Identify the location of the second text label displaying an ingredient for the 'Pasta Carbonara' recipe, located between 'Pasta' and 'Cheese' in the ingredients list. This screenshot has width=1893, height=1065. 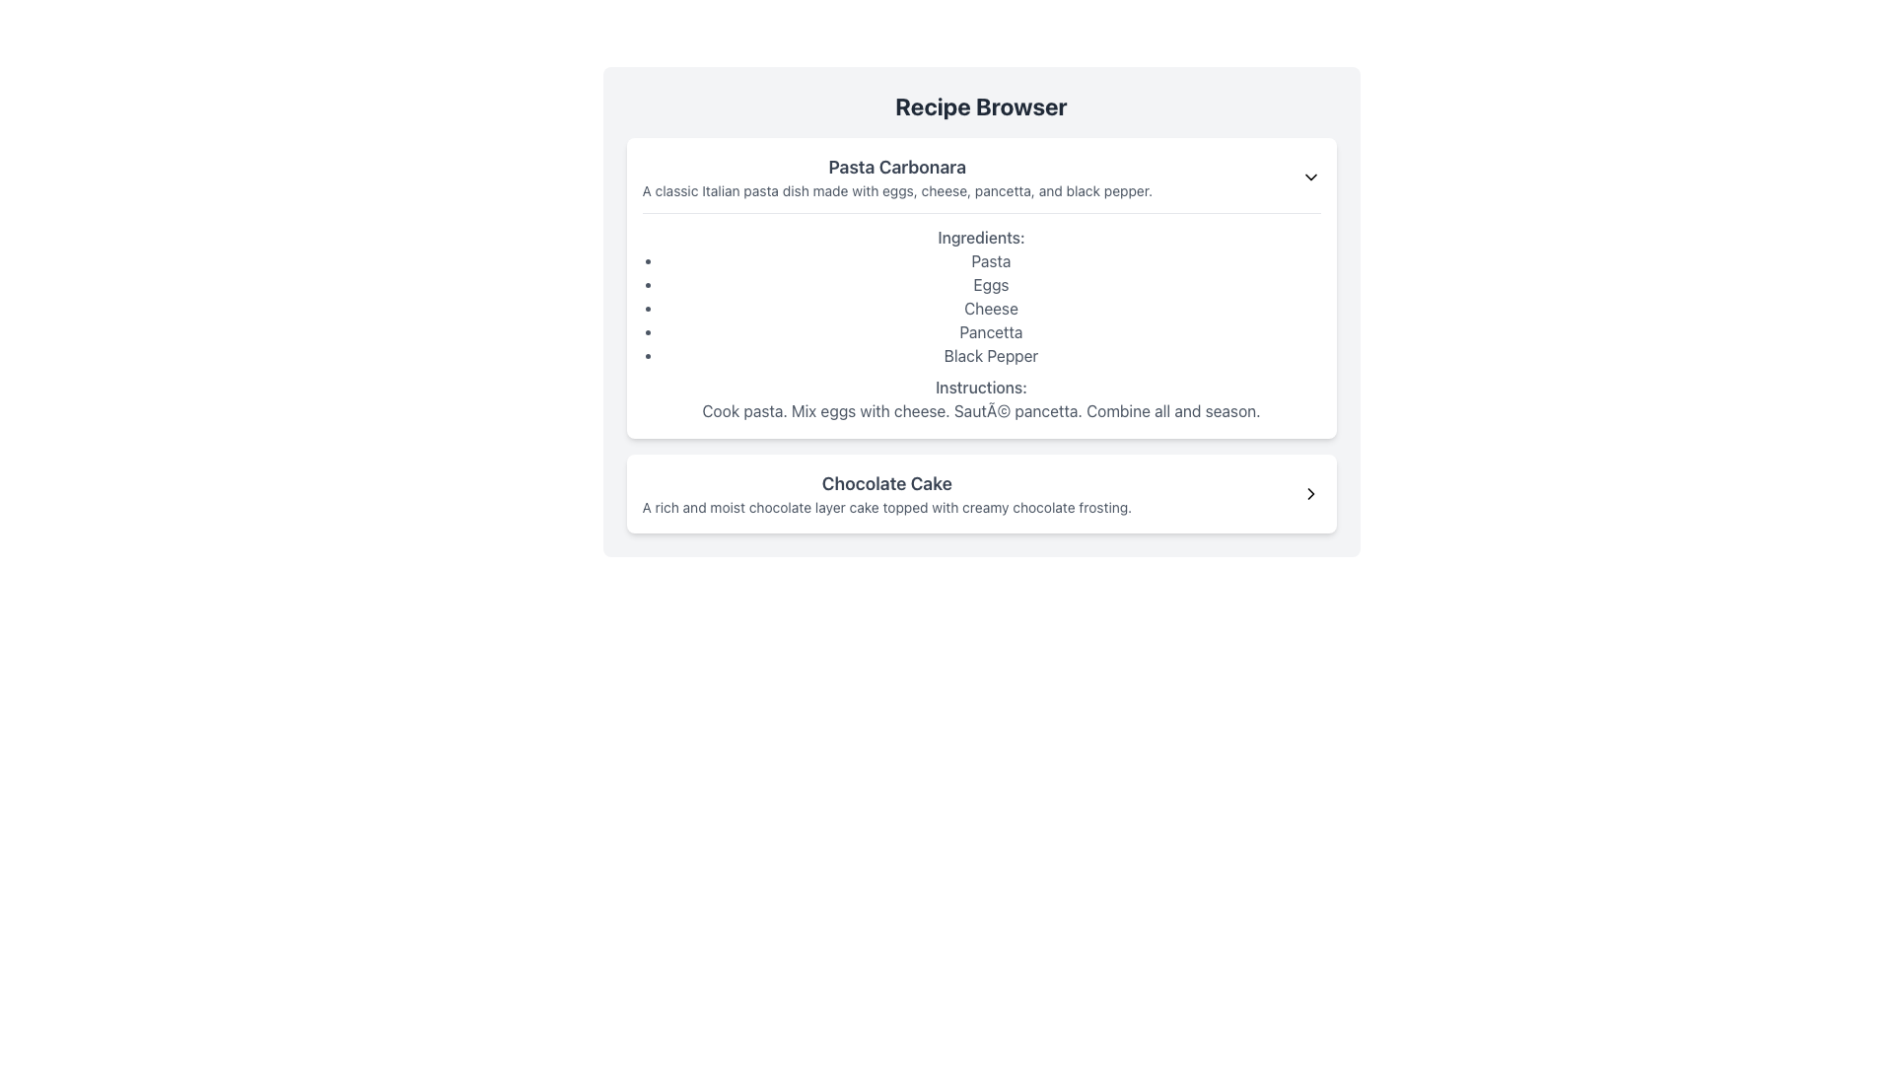
(991, 285).